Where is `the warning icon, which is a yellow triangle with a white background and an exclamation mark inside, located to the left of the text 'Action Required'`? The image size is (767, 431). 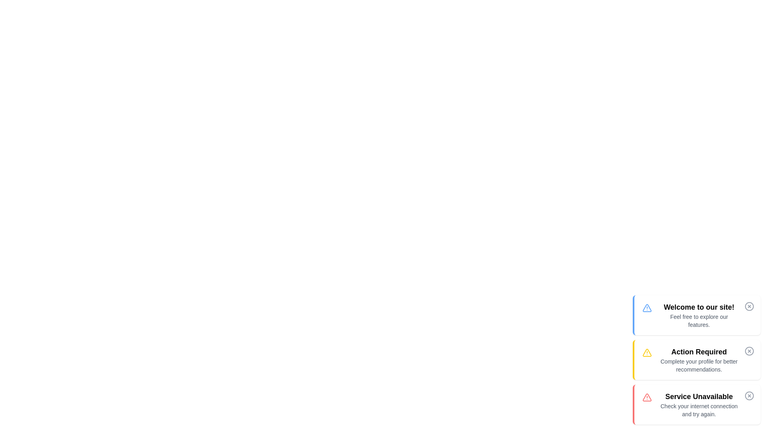
the warning icon, which is a yellow triangle with a white background and an exclamation mark inside, located to the left of the text 'Action Required' is located at coordinates (647, 352).